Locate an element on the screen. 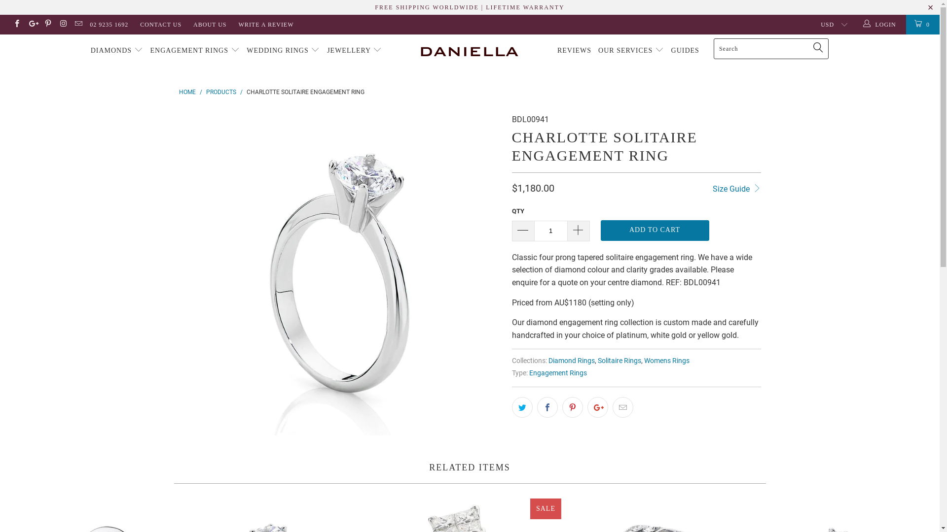  '0' is located at coordinates (922, 24).